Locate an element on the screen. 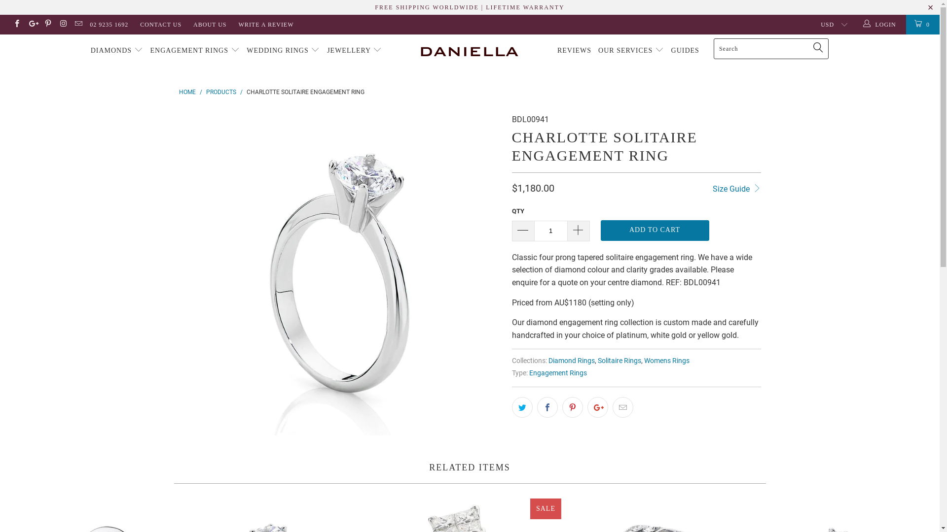  '0' is located at coordinates (922, 24).